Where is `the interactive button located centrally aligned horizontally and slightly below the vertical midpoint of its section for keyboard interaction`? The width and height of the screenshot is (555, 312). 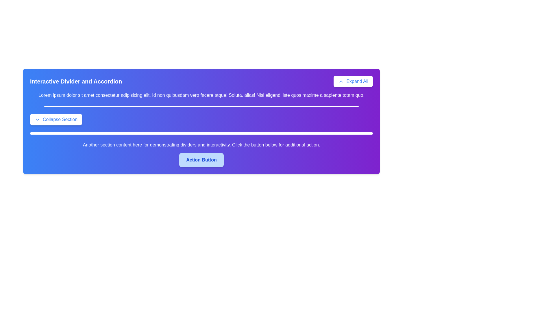
the interactive button located centrally aligned horizontally and slightly below the vertical midpoint of its section for keyboard interaction is located at coordinates (201, 160).